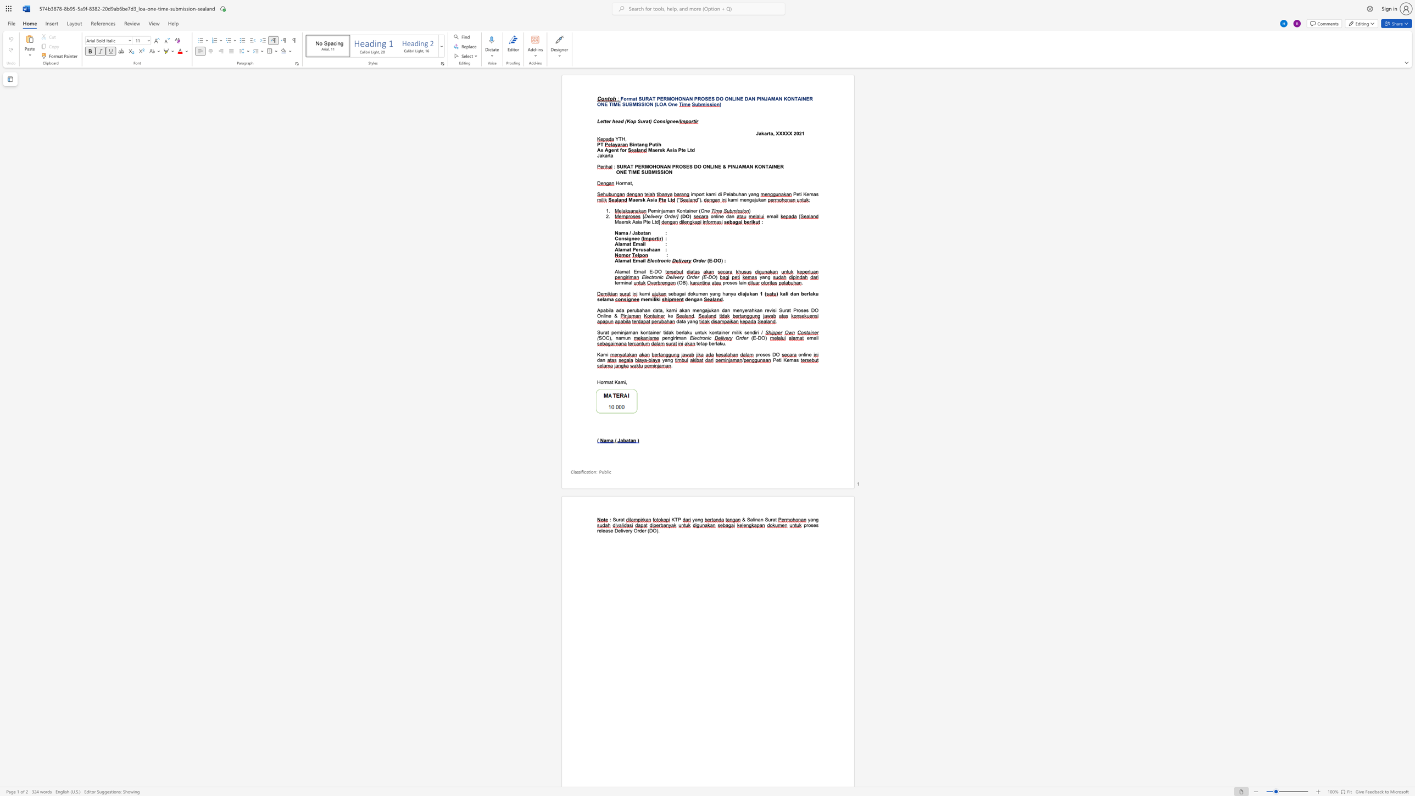  Describe the element at coordinates (689, 337) in the screenshot. I see `the subset text "Electroni" within the text "Electronic"` at that location.